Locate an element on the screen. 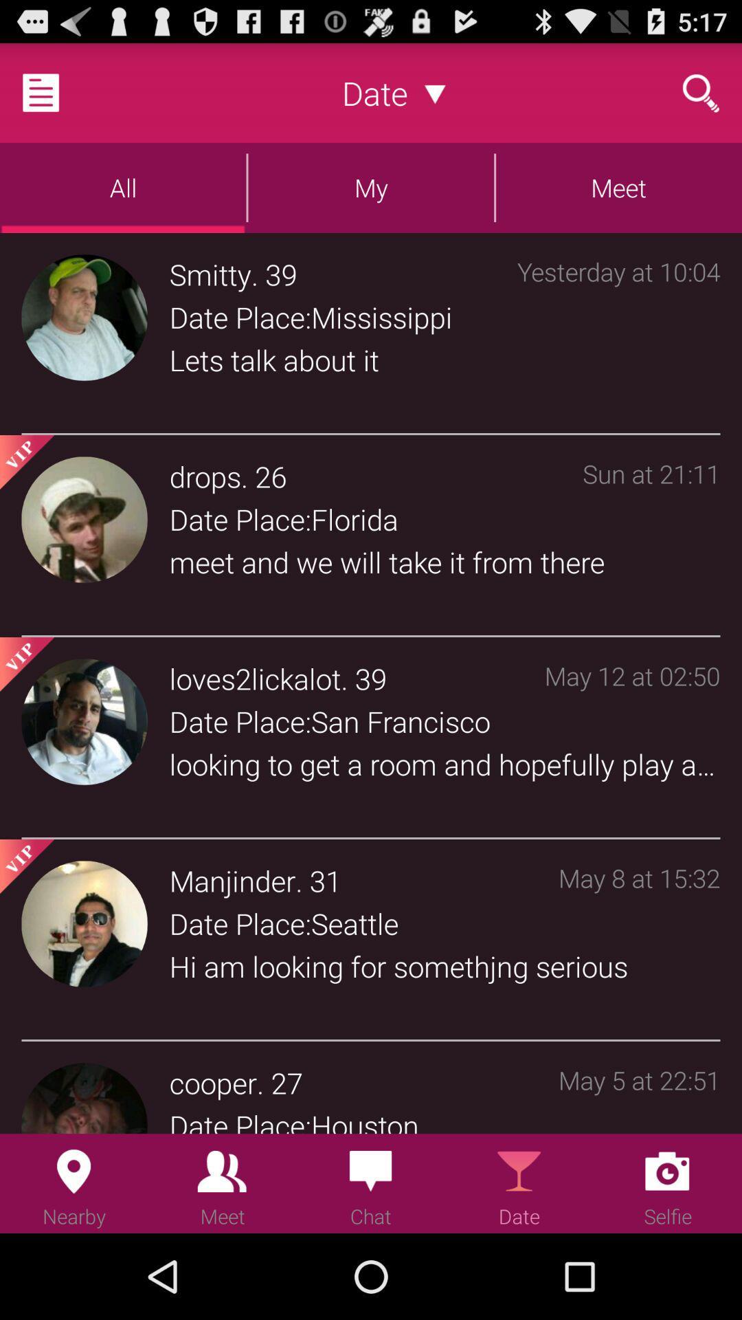 The width and height of the screenshot is (742, 1320). the cooper is located at coordinates (213, 1081).